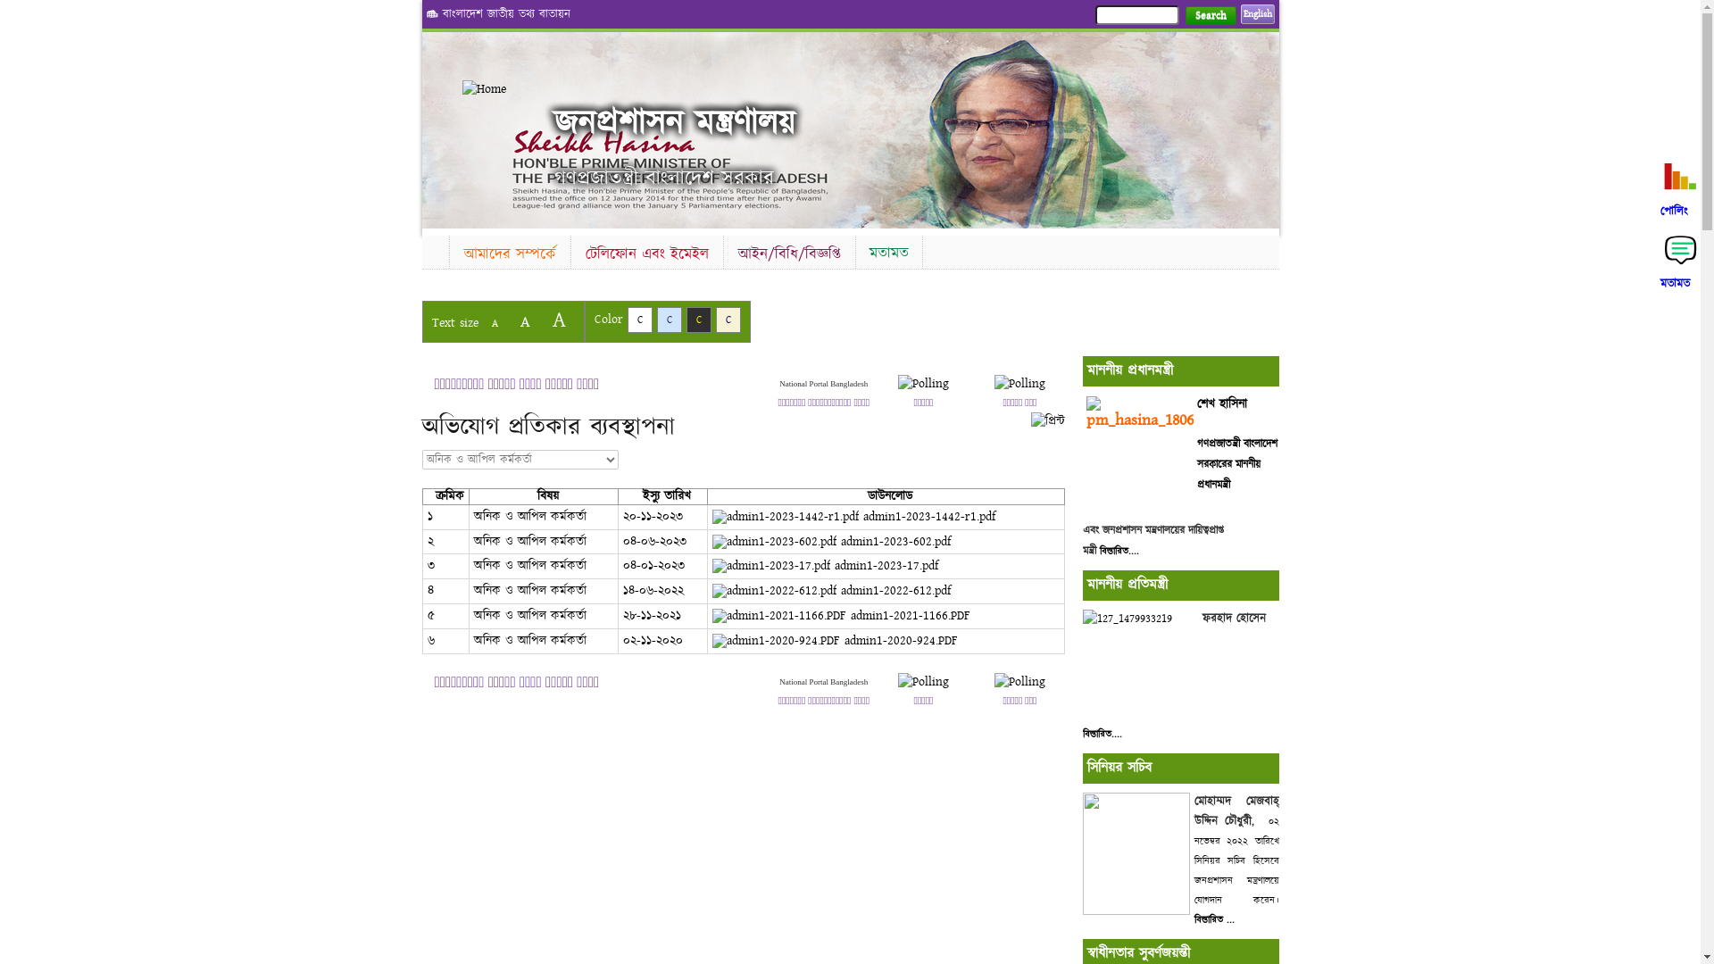 This screenshot has width=1714, height=964. I want to click on 'admin1-2021-1166.PDF', so click(840, 615).